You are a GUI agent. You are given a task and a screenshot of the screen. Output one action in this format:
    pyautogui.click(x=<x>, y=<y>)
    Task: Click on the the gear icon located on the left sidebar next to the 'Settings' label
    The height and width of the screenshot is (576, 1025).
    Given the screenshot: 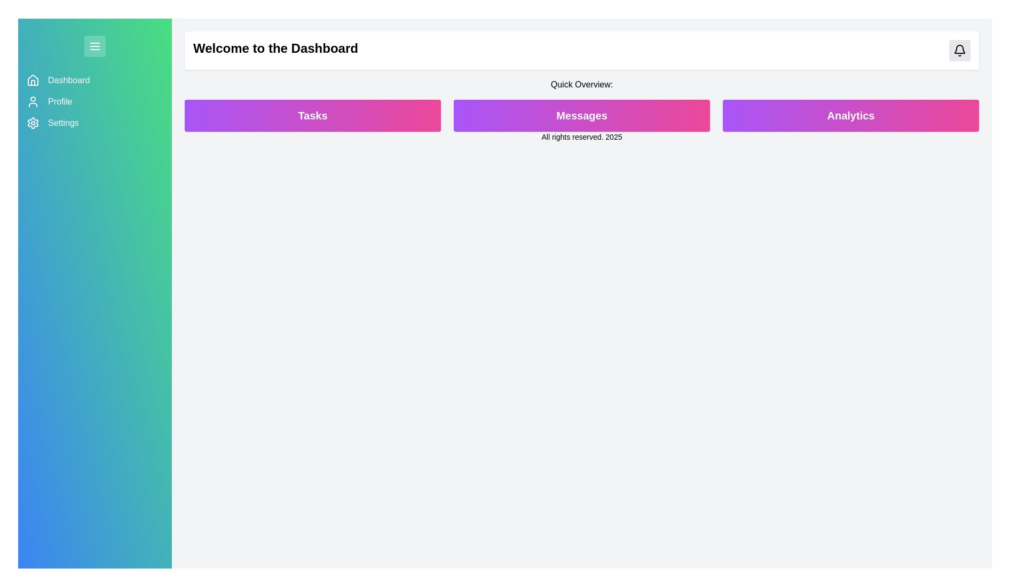 What is the action you would take?
    pyautogui.click(x=33, y=123)
    